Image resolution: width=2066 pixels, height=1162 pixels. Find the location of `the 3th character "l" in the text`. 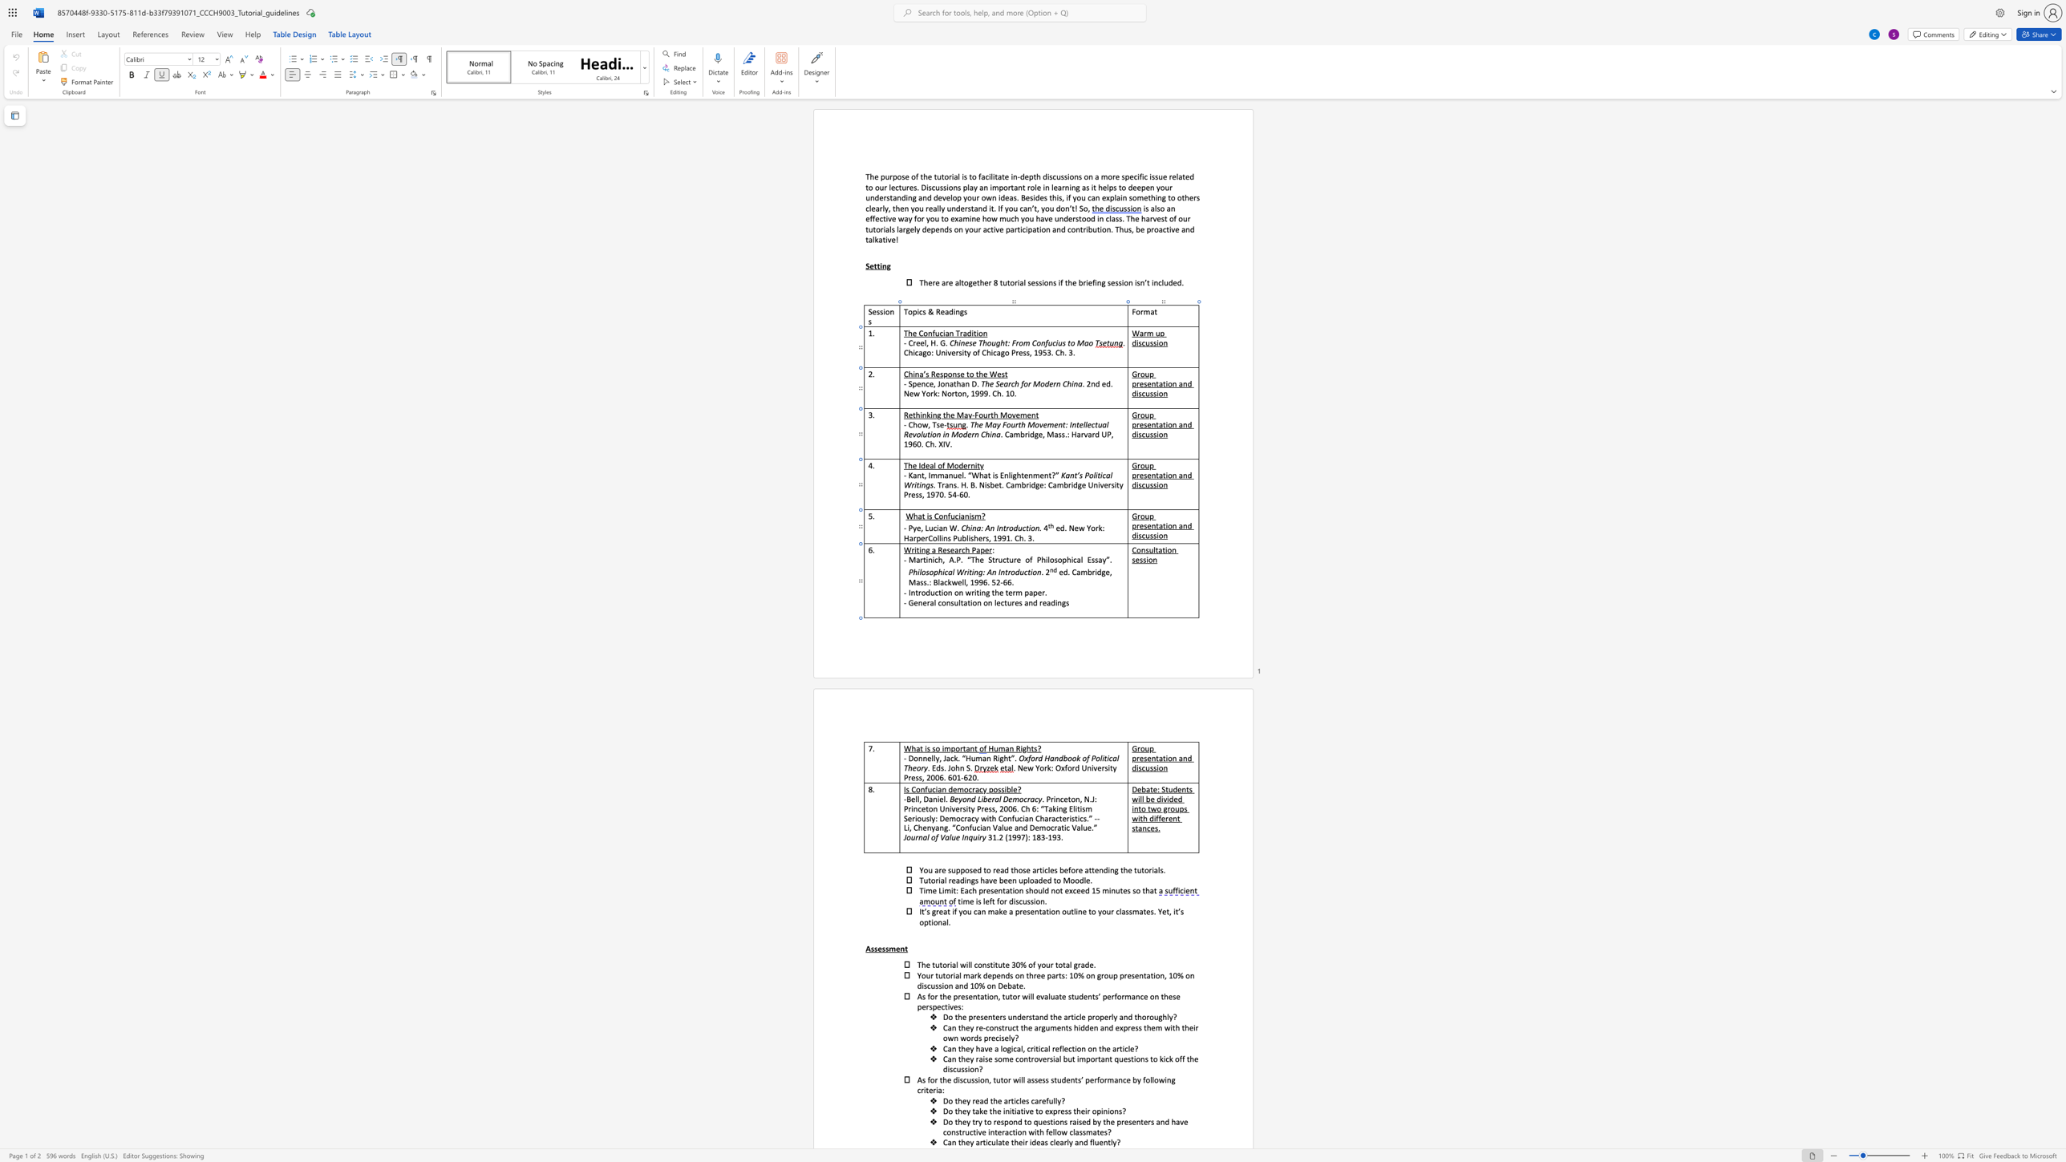

the 3th character "l" in the text is located at coordinates (965, 582).